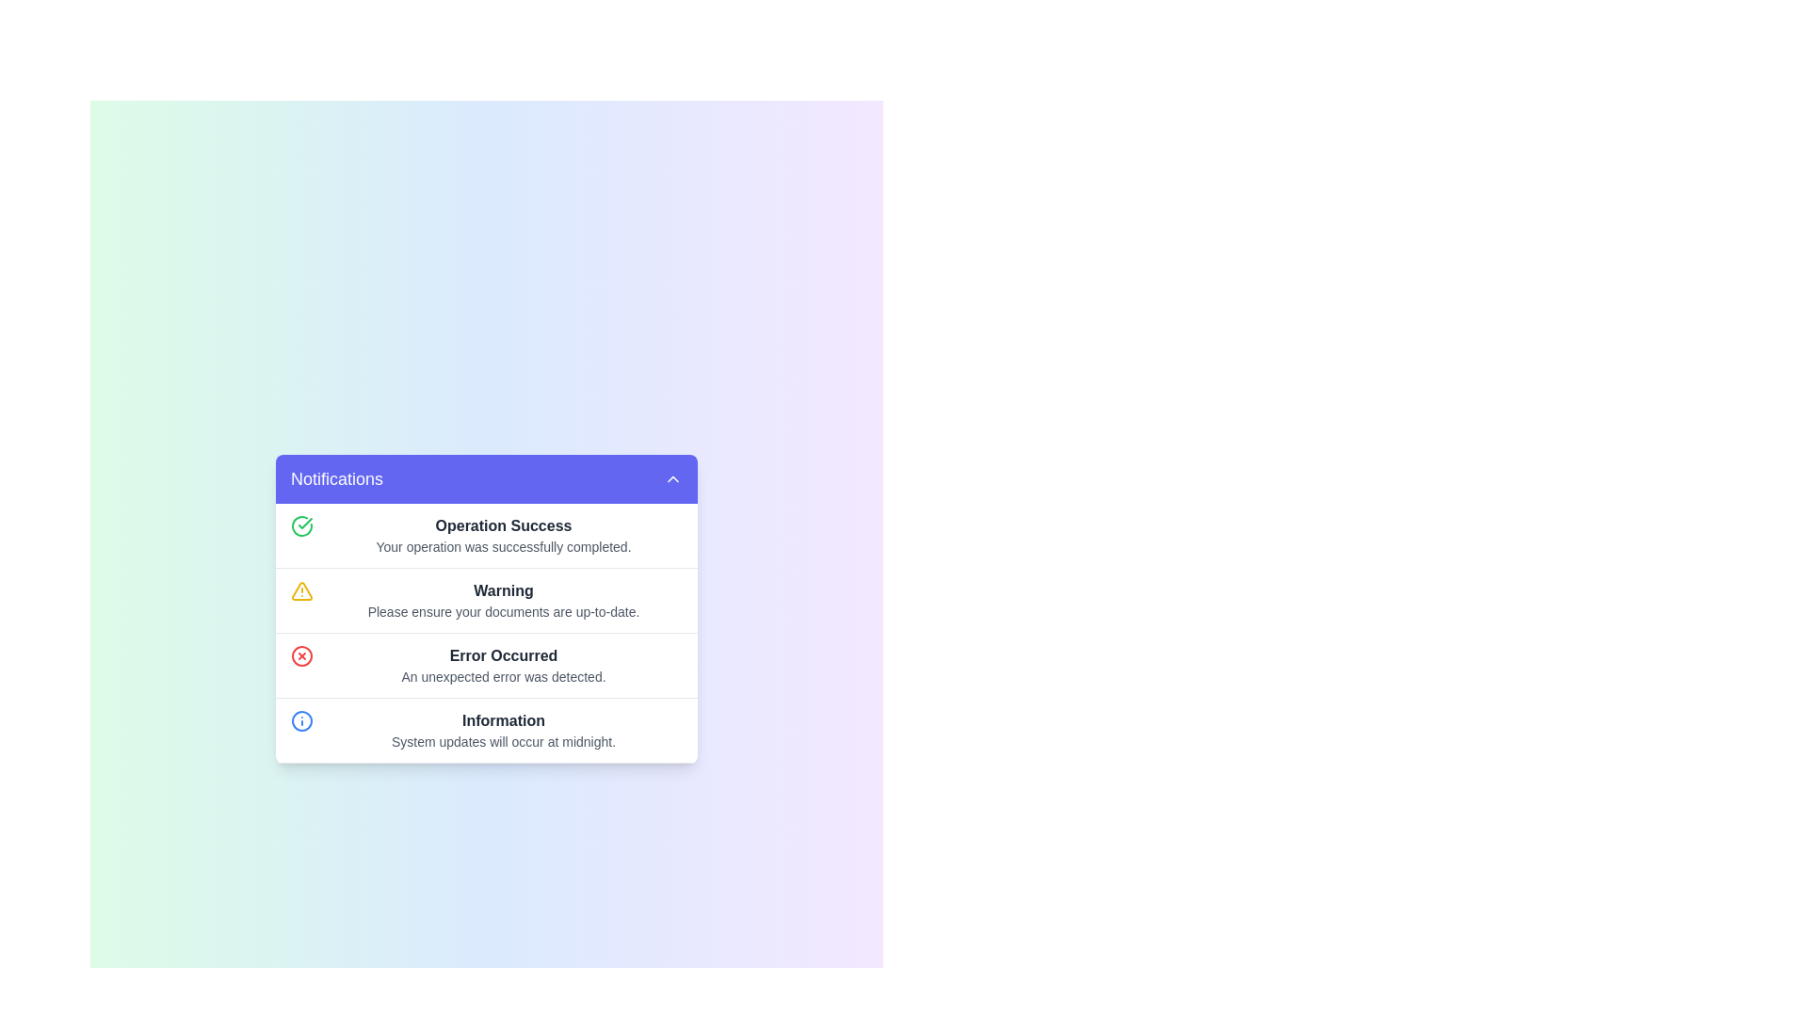 The height and width of the screenshot is (1017, 1808). Describe the element at coordinates (302, 526) in the screenshot. I see `the decorative icon indicating a successful operation, which is positioned to the left of the text 'Operation Success' in the first row of the notification list` at that location.